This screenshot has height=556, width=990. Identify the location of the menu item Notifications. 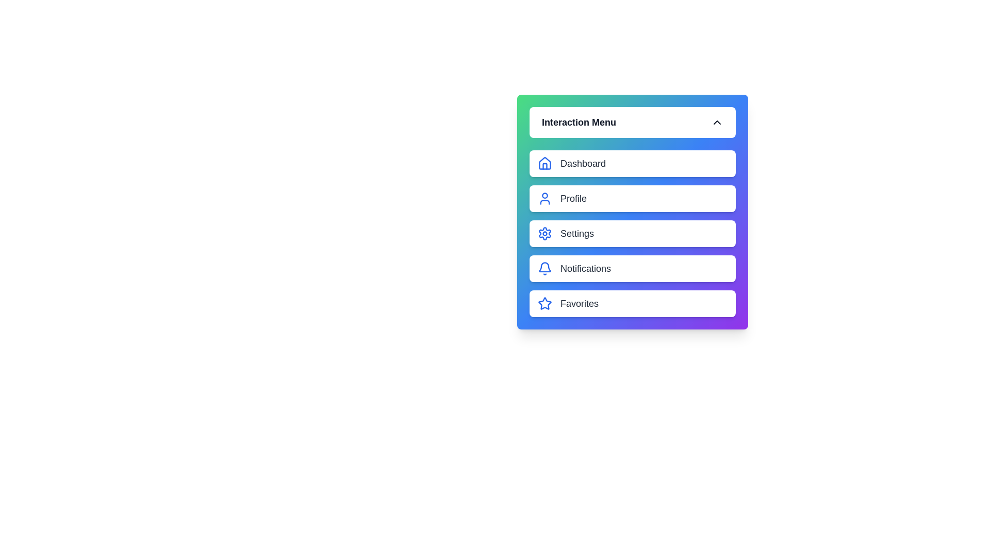
(632, 268).